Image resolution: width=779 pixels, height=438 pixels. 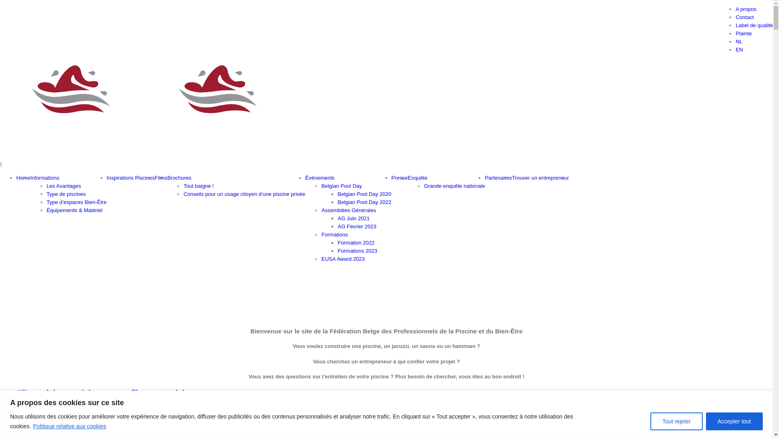 What do you see at coordinates (353, 218) in the screenshot?
I see `'AG Juin 2021'` at bounding box center [353, 218].